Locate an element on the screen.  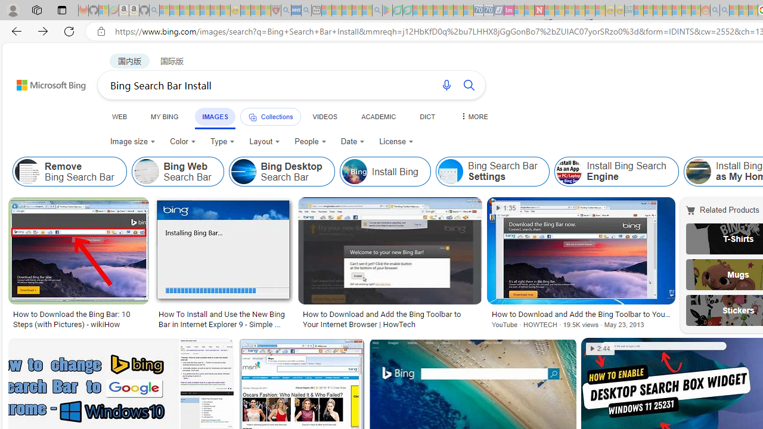
'Bing Search Bar Settings' is located at coordinates (492, 172).